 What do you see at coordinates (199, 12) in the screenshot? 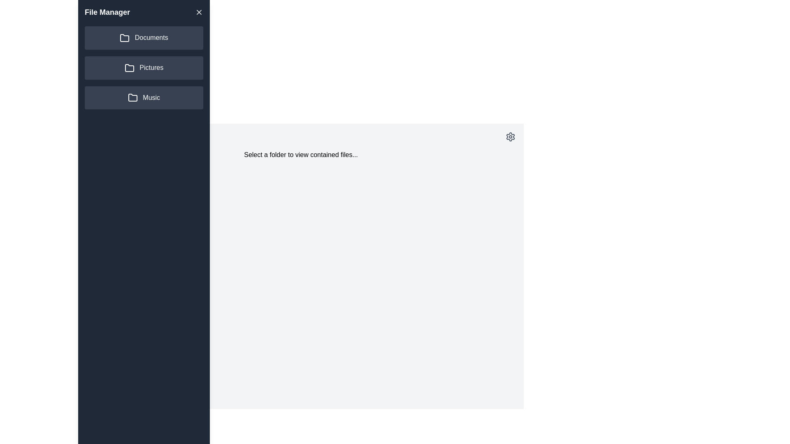
I see `close button at the top-right corner of the side drawer to toggle its state` at bounding box center [199, 12].